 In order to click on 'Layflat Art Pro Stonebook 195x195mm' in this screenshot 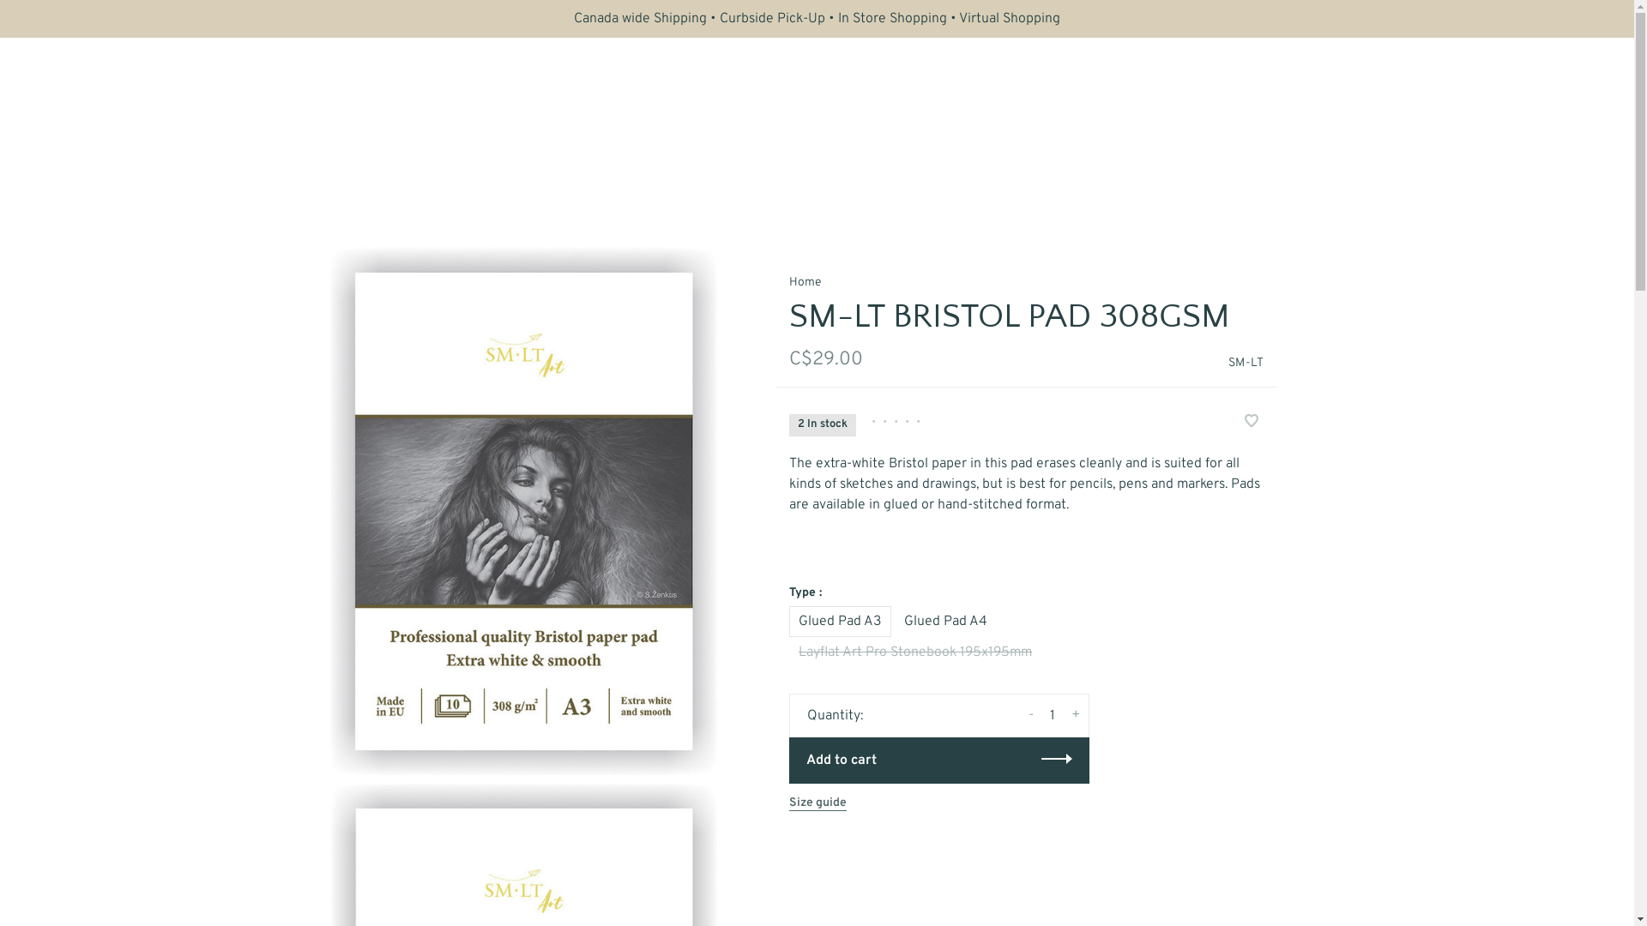, I will do `click(914, 651)`.